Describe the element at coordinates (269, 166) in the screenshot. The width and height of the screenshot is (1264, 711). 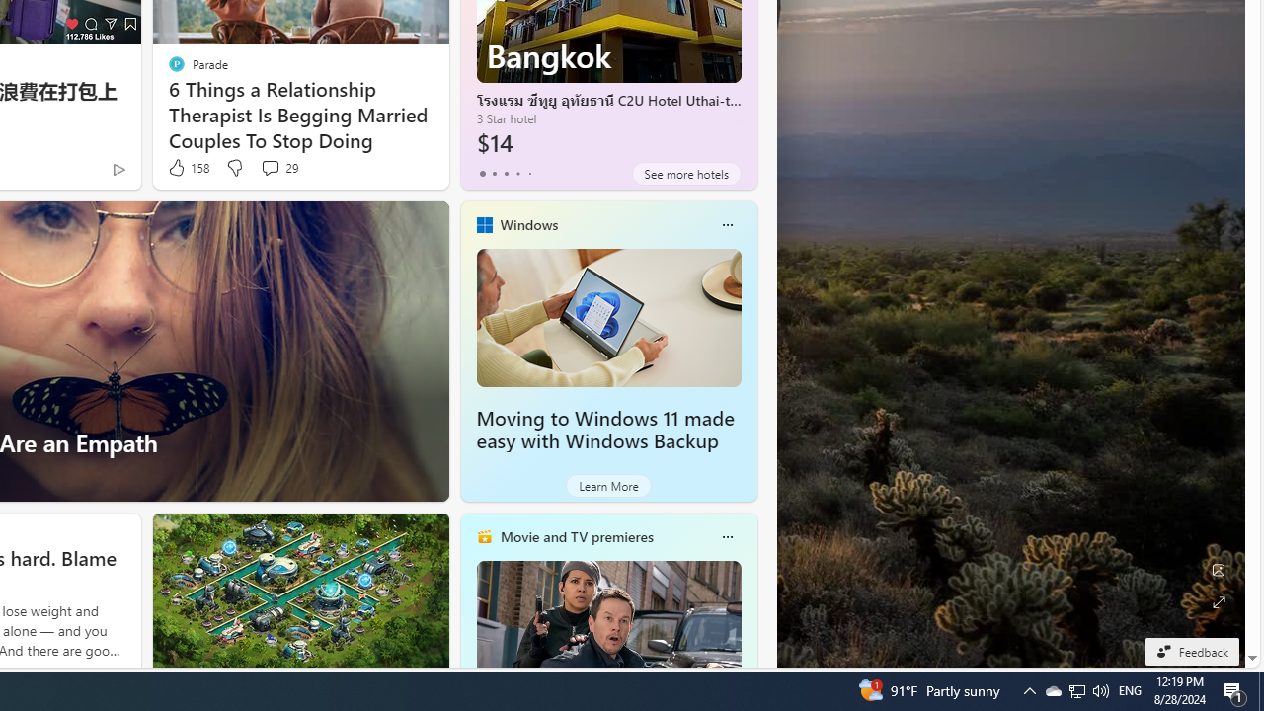
I see `'View comments 29 Comment'` at that location.